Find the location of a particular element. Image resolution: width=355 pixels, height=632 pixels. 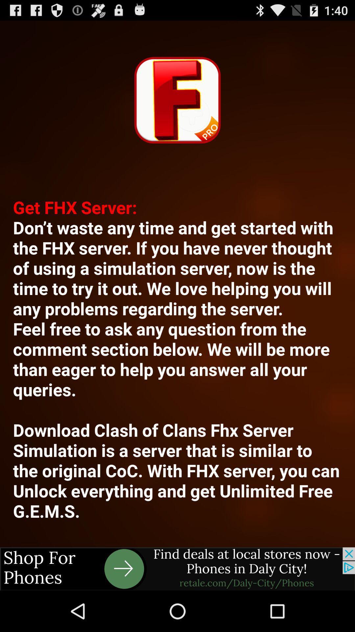

open advertisement is located at coordinates (177, 568).